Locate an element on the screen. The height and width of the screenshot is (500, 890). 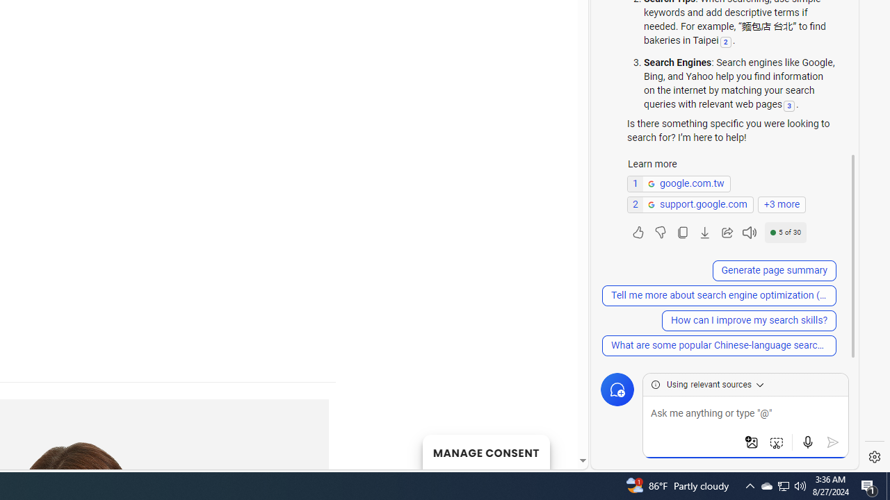
'MANAGE CONSENT' is located at coordinates (485, 451).